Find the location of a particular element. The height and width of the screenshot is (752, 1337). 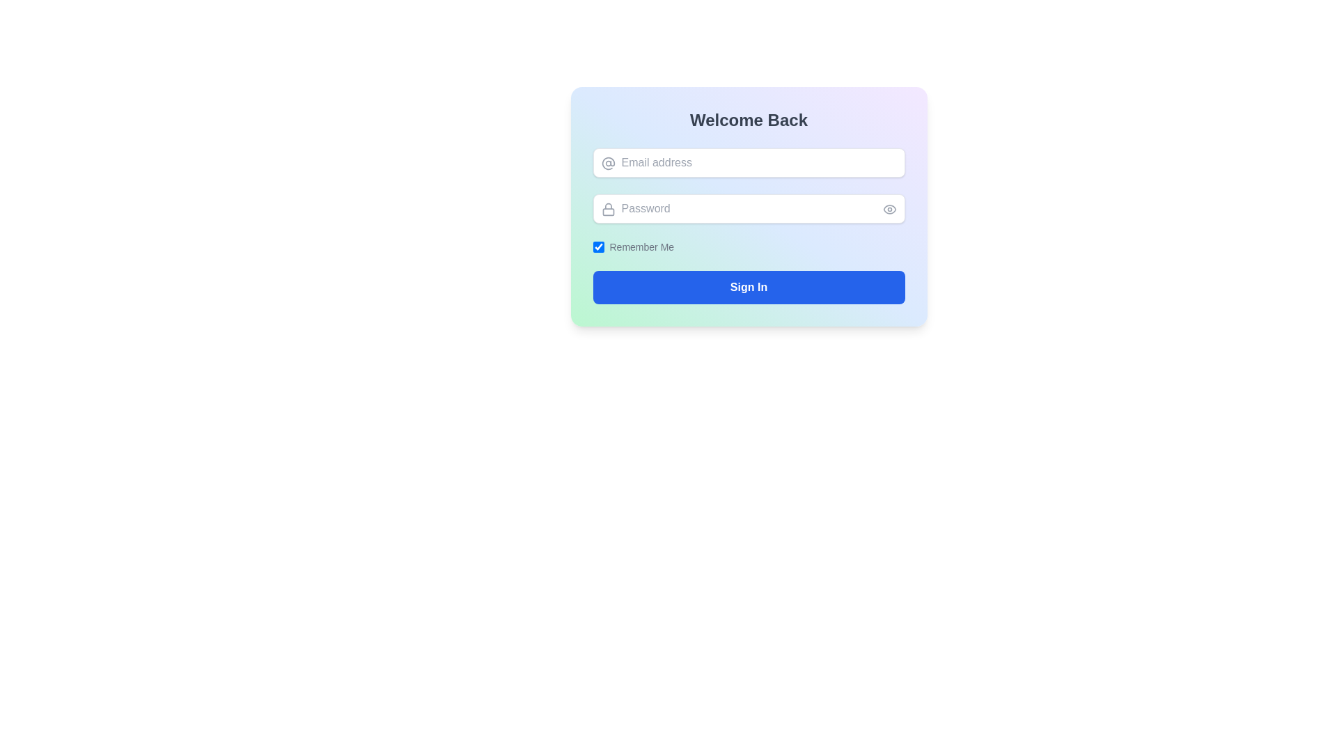

the eye icon button located at the rightmost end of the password entry field is located at coordinates (889, 209).